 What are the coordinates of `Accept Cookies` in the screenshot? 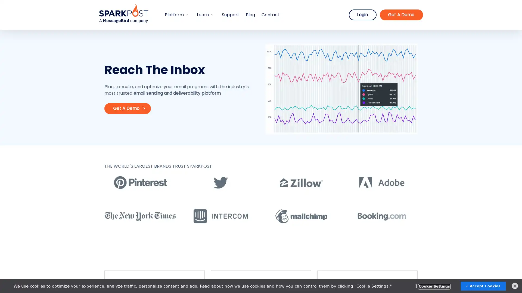 It's located at (483, 285).